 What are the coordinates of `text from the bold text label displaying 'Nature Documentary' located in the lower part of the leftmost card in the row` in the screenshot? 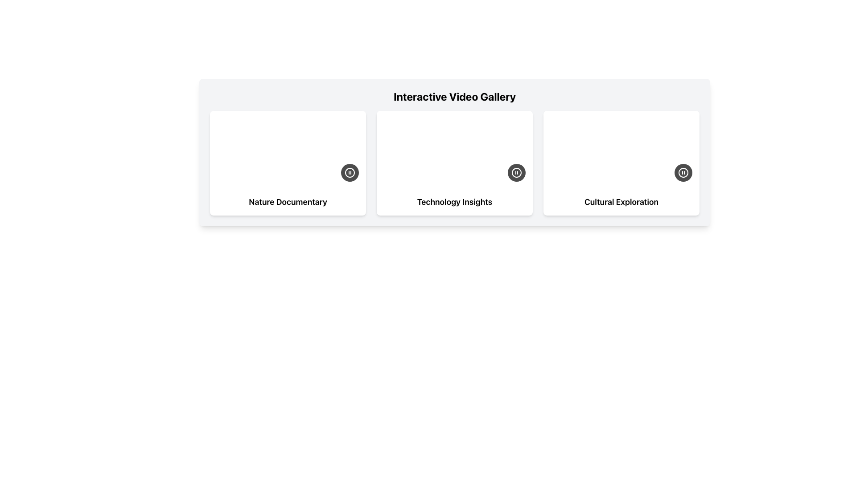 It's located at (288, 202).